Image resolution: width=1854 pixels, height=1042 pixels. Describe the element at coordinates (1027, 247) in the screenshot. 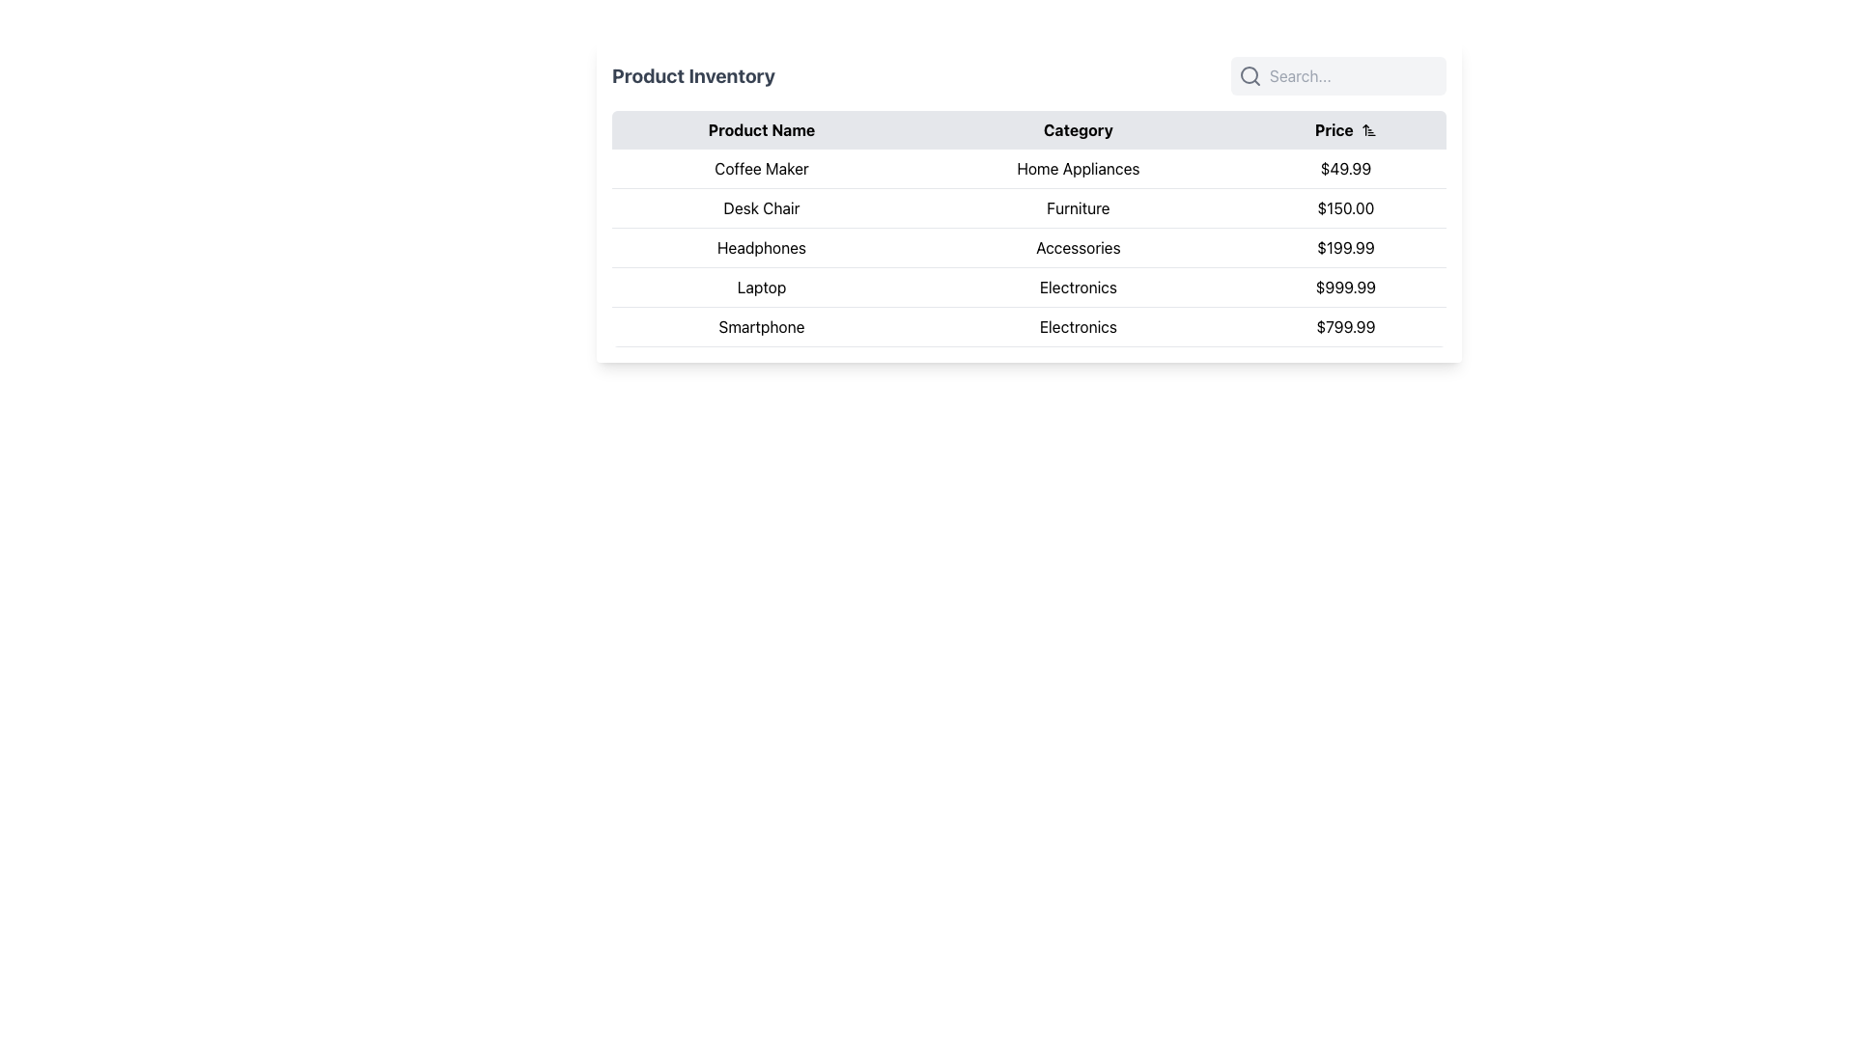

I see `to select the third row in the product inventory table, which provides information about a product's name, category, and price` at that location.